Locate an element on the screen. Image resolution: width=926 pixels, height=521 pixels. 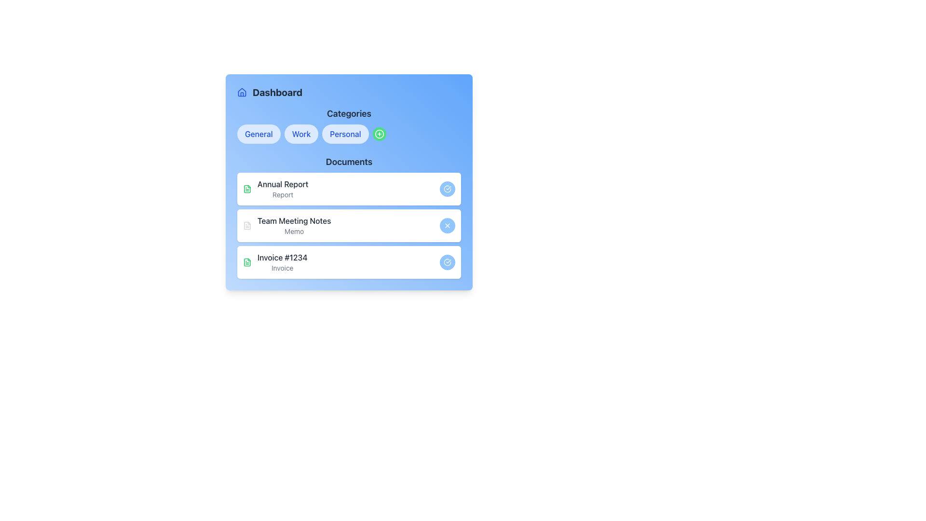
house icon with a blue outline located near the top-left corner of the dashboard panel, next to the header text 'Dashboard.' is located at coordinates (242, 92).